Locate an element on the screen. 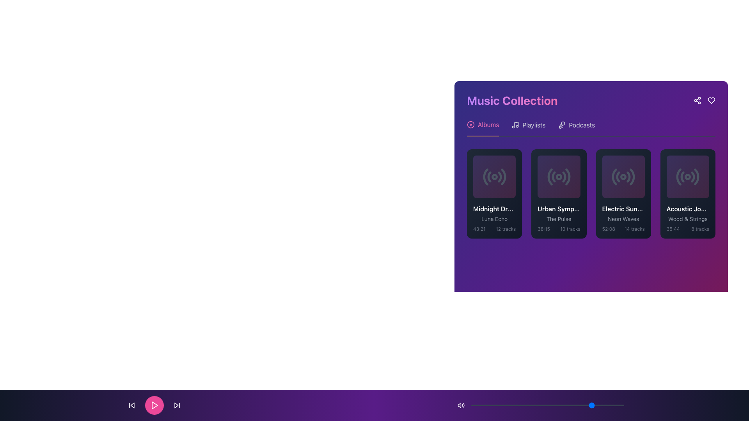 The image size is (749, 421). the non-interactive heading indicating the title of the music collection section, located at the top left corner of the interface panel is located at coordinates (512, 100).